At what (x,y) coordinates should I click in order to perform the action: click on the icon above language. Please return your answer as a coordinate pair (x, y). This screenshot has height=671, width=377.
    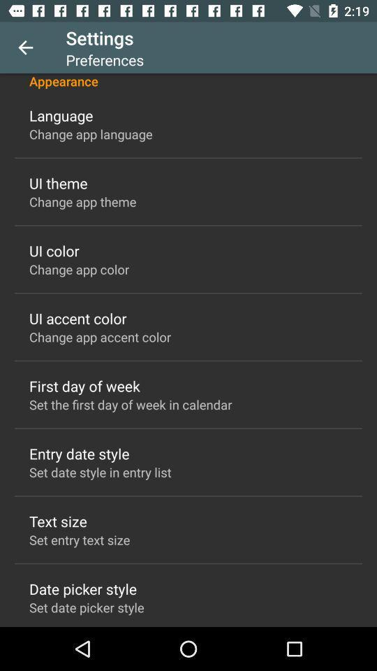
    Looking at the image, I should click on (188, 81).